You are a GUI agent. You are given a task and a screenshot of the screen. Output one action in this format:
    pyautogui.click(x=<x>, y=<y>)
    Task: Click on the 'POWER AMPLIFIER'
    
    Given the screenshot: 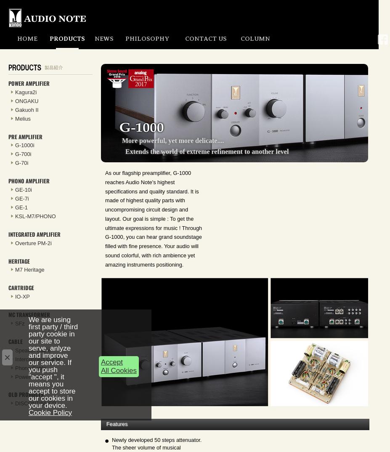 What is the action you would take?
    pyautogui.click(x=8, y=83)
    